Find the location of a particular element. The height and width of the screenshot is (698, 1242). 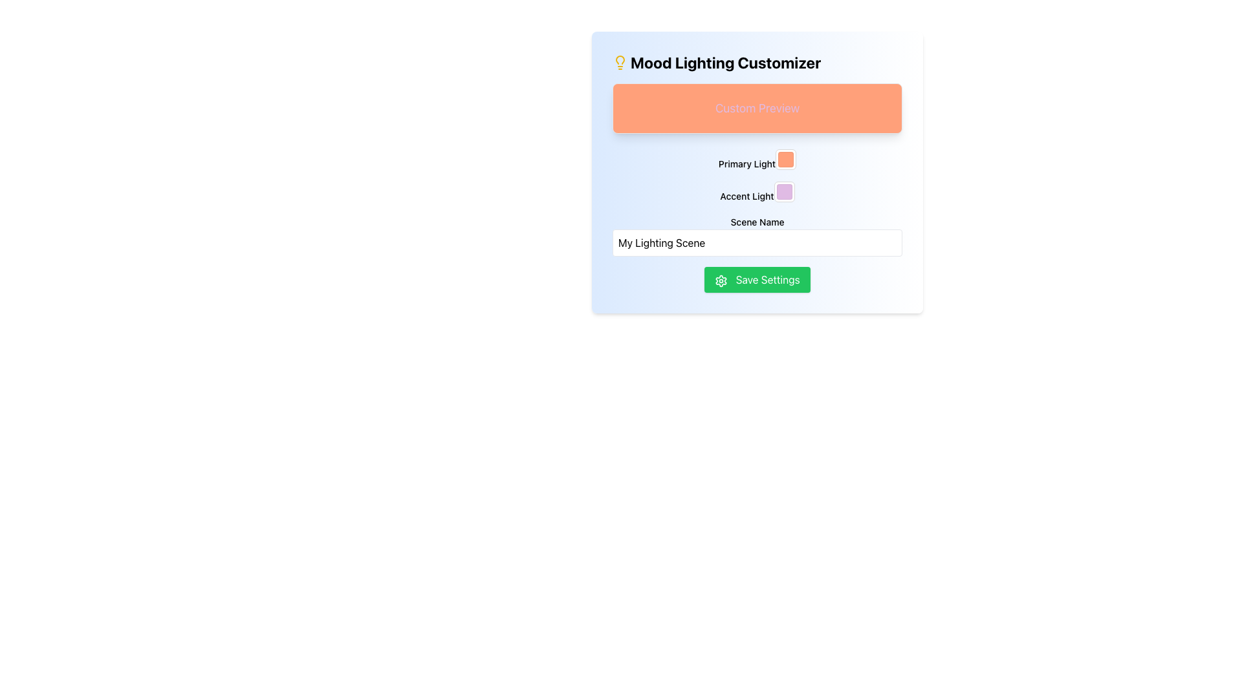

the lightbulb-shaped icon located at the leftmost part of the title text 'Mood Lighting Customizer' is located at coordinates (620, 62).